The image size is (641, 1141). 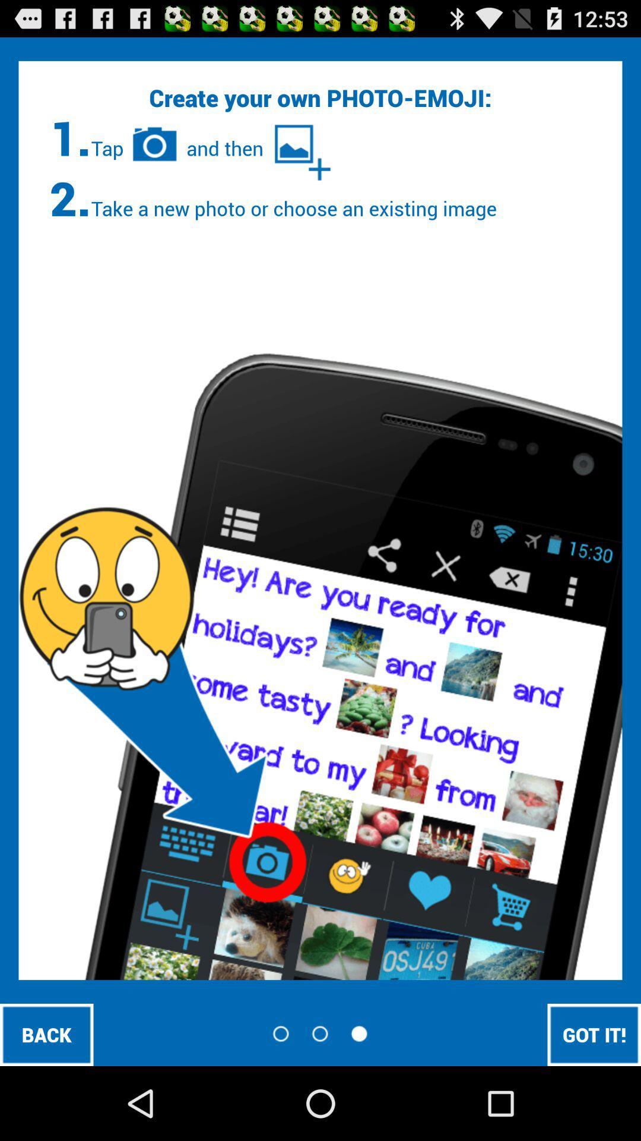 What do you see at coordinates (594, 1034) in the screenshot?
I see `got it! icon` at bounding box center [594, 1034].